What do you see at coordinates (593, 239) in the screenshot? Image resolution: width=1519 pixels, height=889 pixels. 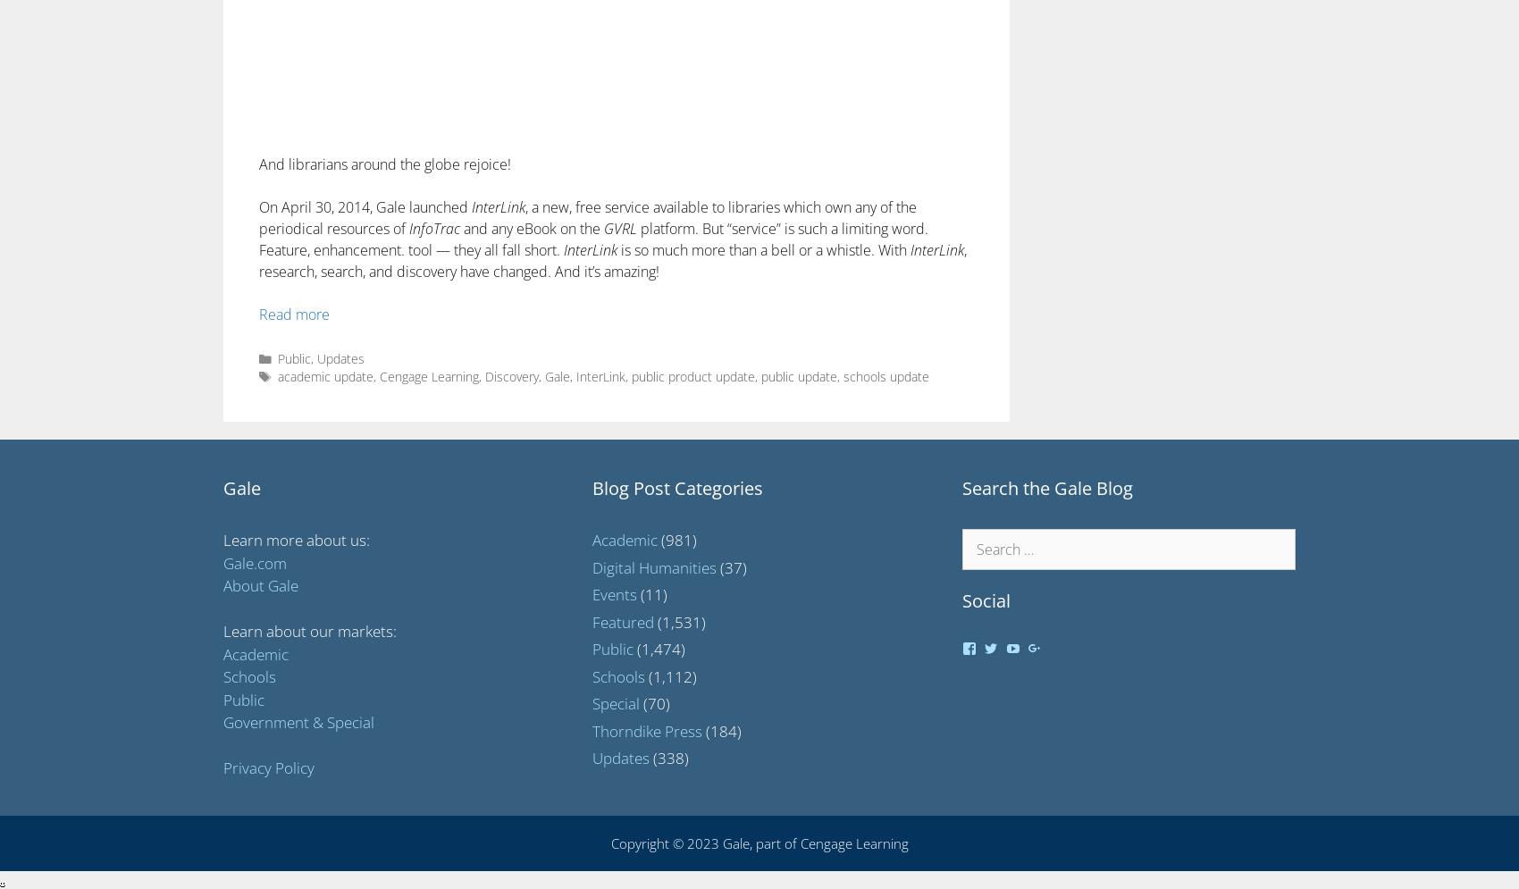 I see `'platform. But “service” is such a limiting word. Feature, enhancement. tool — they all fall short.'` at bounding box center [593, 239].